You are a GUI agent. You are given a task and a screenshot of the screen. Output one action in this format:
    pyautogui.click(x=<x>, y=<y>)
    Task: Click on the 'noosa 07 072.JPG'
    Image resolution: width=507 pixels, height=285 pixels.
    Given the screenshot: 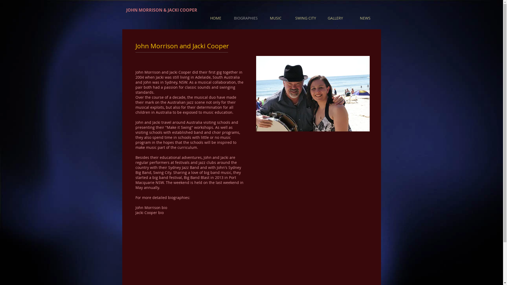 What is the action you would take?
    pyautogui.click(x=313, y=93)
    